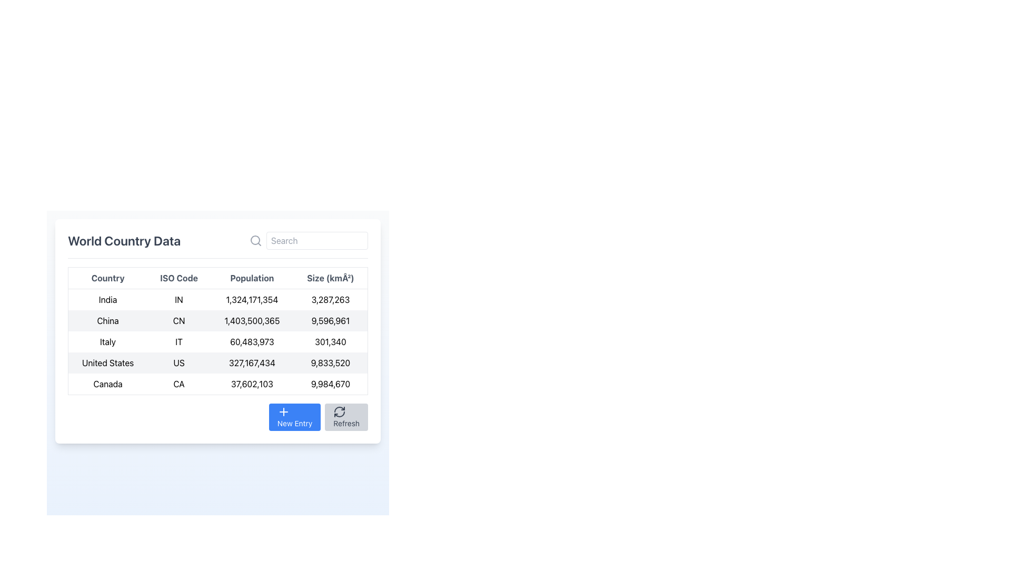 The height and width of the screenshot is (569, 1011). Describe the element at coordinates (251, 320) in the screenshot. I see `the text label displaying the population value '1,403,500,365' for China, located in the third column of the table row labeled 'China'` at that location.